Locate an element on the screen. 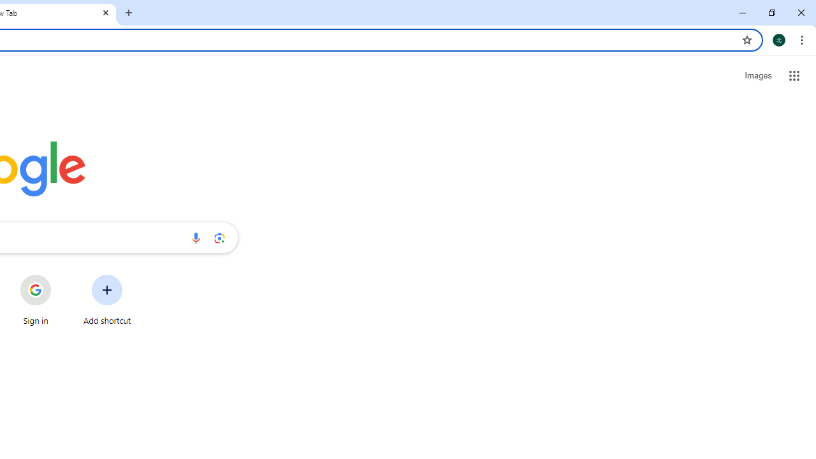  'Add shortcut' is located at coordinates (107, 300).